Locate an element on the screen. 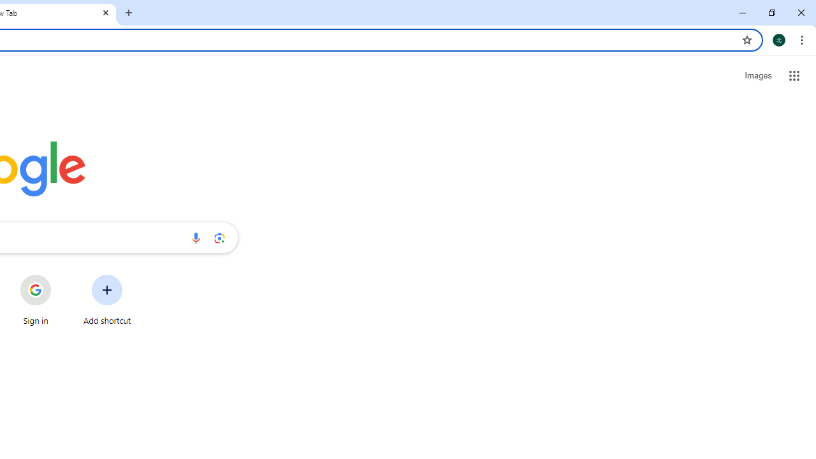  'Add shortcut' is located at coordinates (107, 300).